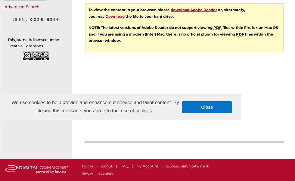 Image resolution: width=295 pixels, height=181 pixels. Describe the element at coordinates (88, 37) in the screenshot. I see `'files within the browser window.'` at that location.